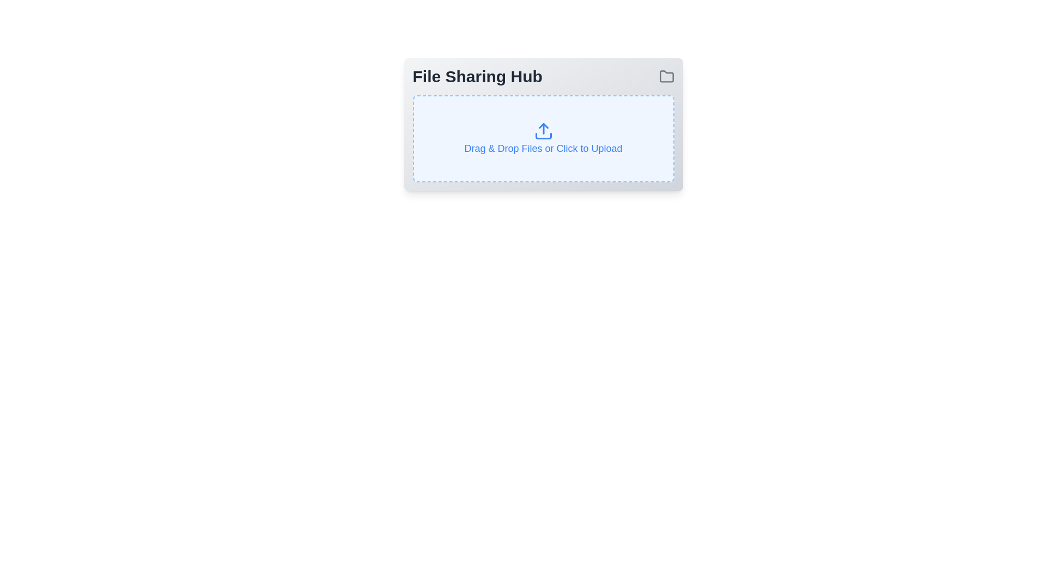 The width and height of the screenshot is (1046, 588). I want to click on the folder icon located at the upper right corner of the 'File Sharing Hub' section, which represents file or directory operations, so click(666, 76).